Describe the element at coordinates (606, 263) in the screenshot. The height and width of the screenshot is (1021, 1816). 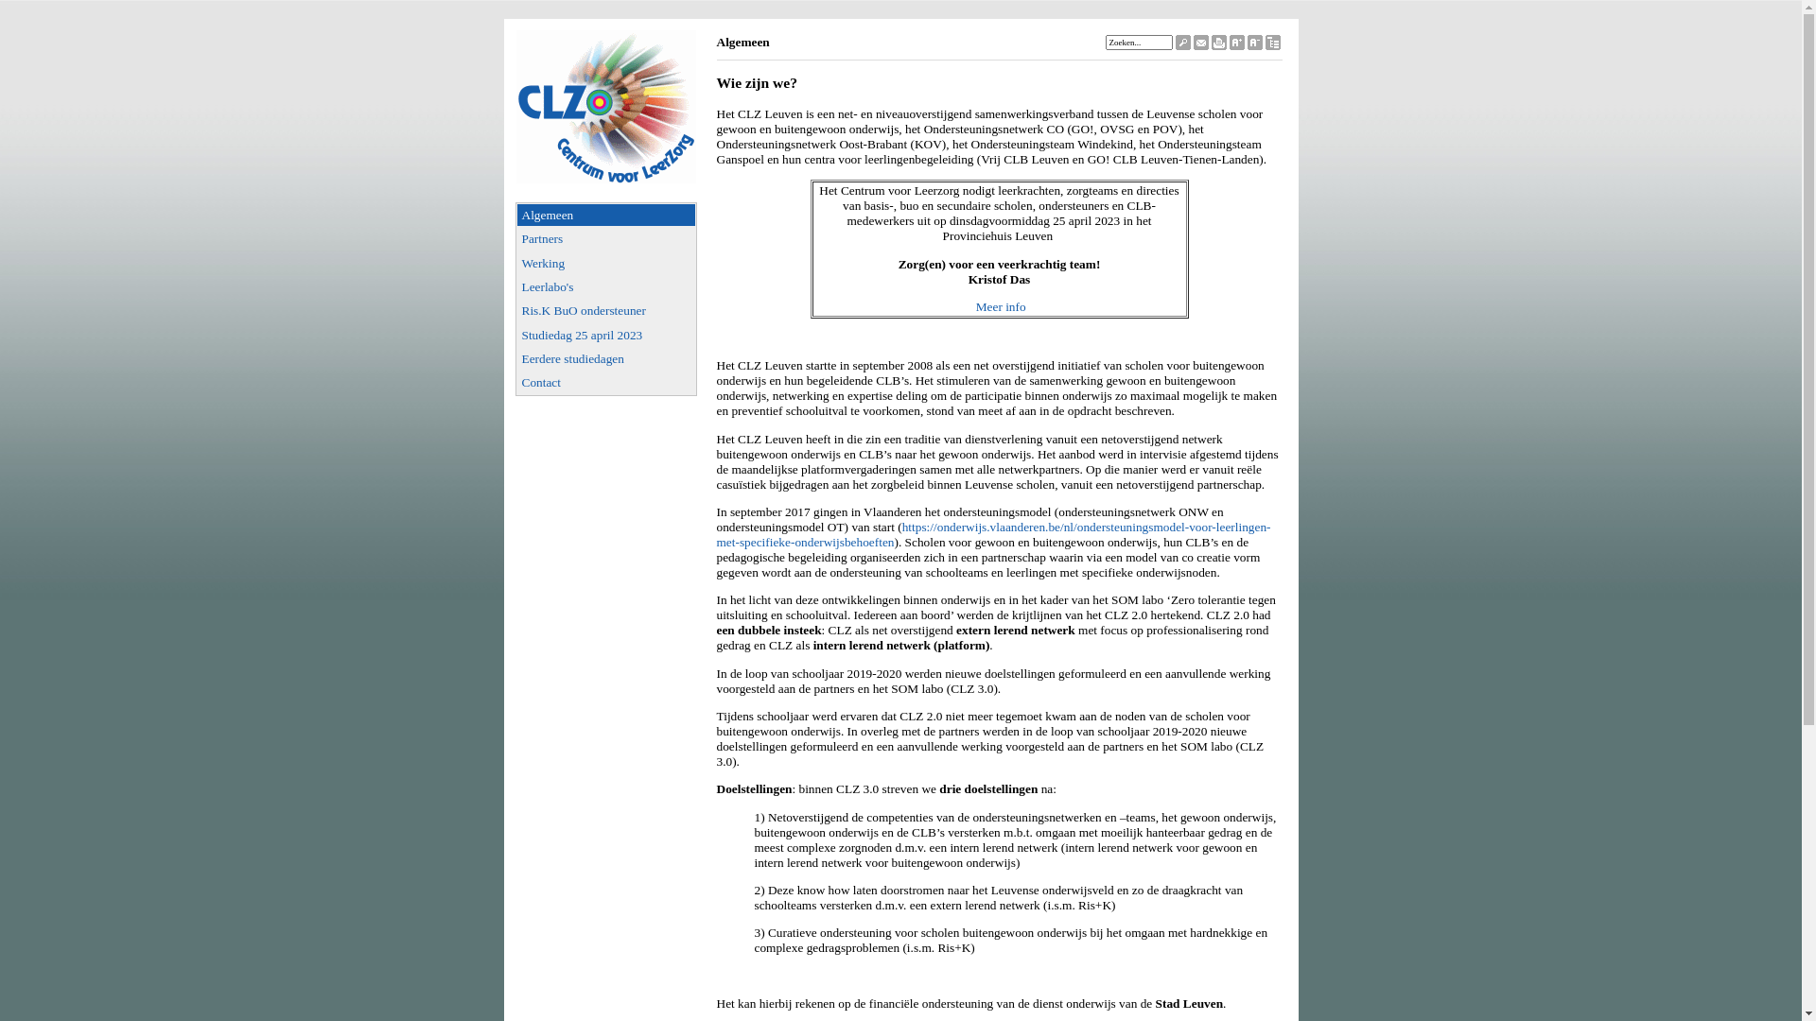
I see `'Werking'` at that location.